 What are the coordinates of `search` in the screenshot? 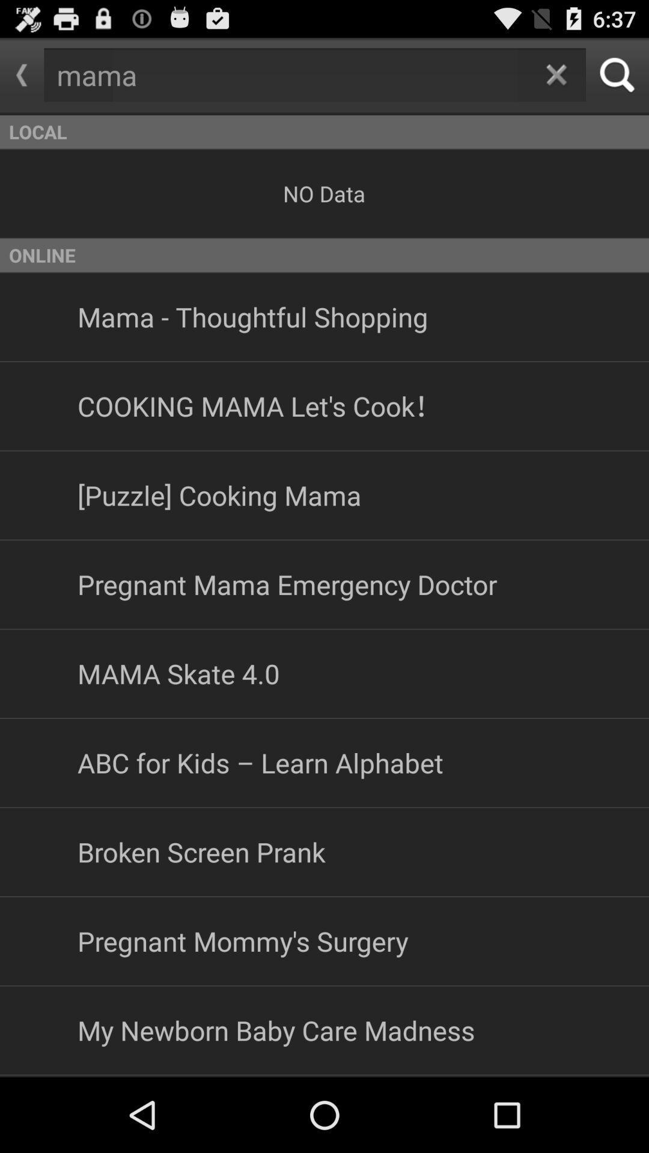 It's located at (617, 74).